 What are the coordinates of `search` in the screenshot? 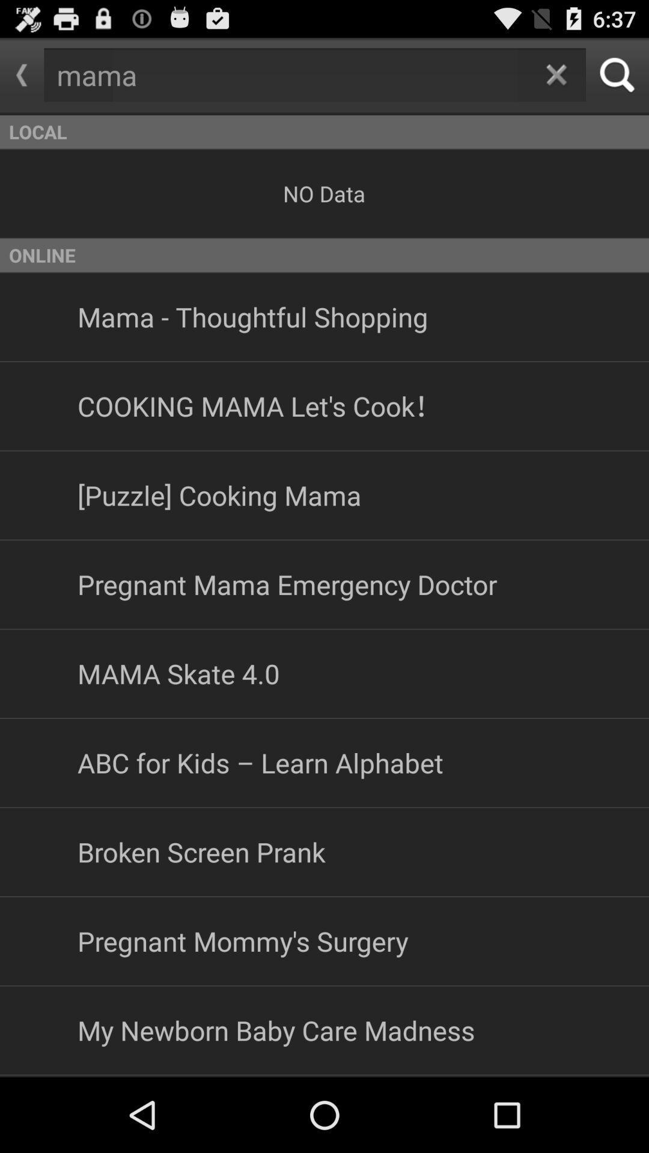 It's located at (617, 74).